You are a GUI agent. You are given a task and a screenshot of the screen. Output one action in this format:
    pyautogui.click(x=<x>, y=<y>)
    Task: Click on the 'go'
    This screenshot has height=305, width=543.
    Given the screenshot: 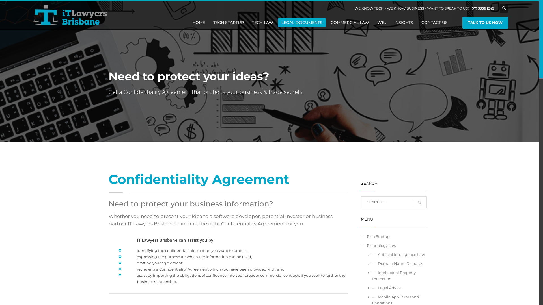 What is the action you would take?
    pyautogui.click(x=411, y=202)
    